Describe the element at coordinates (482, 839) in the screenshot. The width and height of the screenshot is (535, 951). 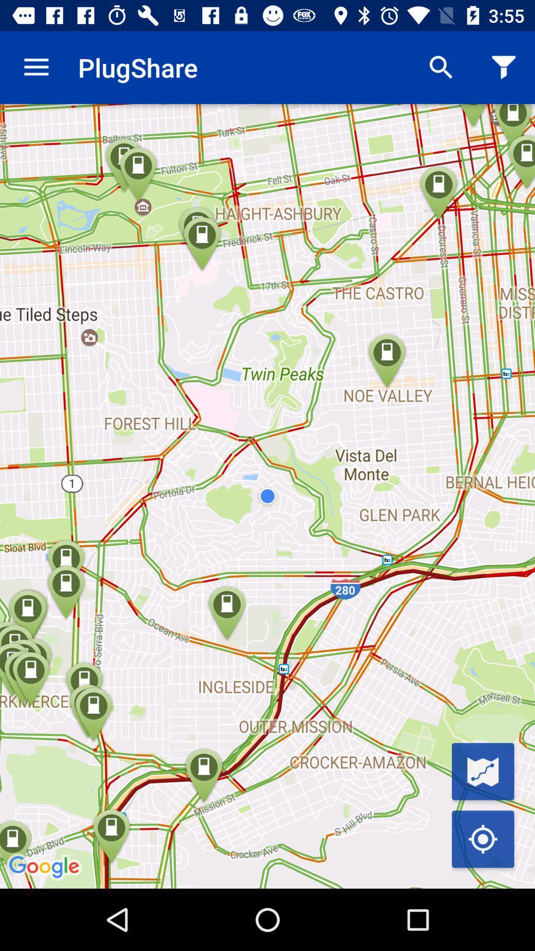
I see `move map around` at that location.